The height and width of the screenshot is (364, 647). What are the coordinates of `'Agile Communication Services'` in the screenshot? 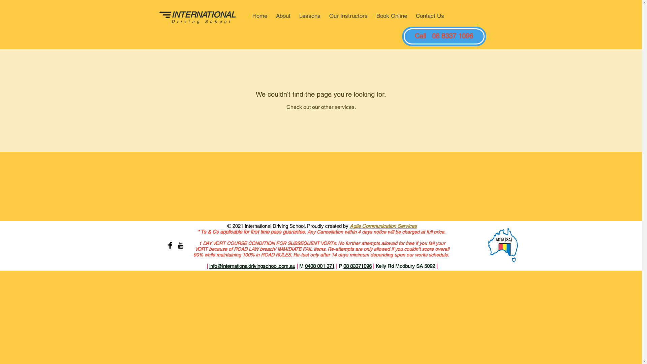 It's located at (383, 226).